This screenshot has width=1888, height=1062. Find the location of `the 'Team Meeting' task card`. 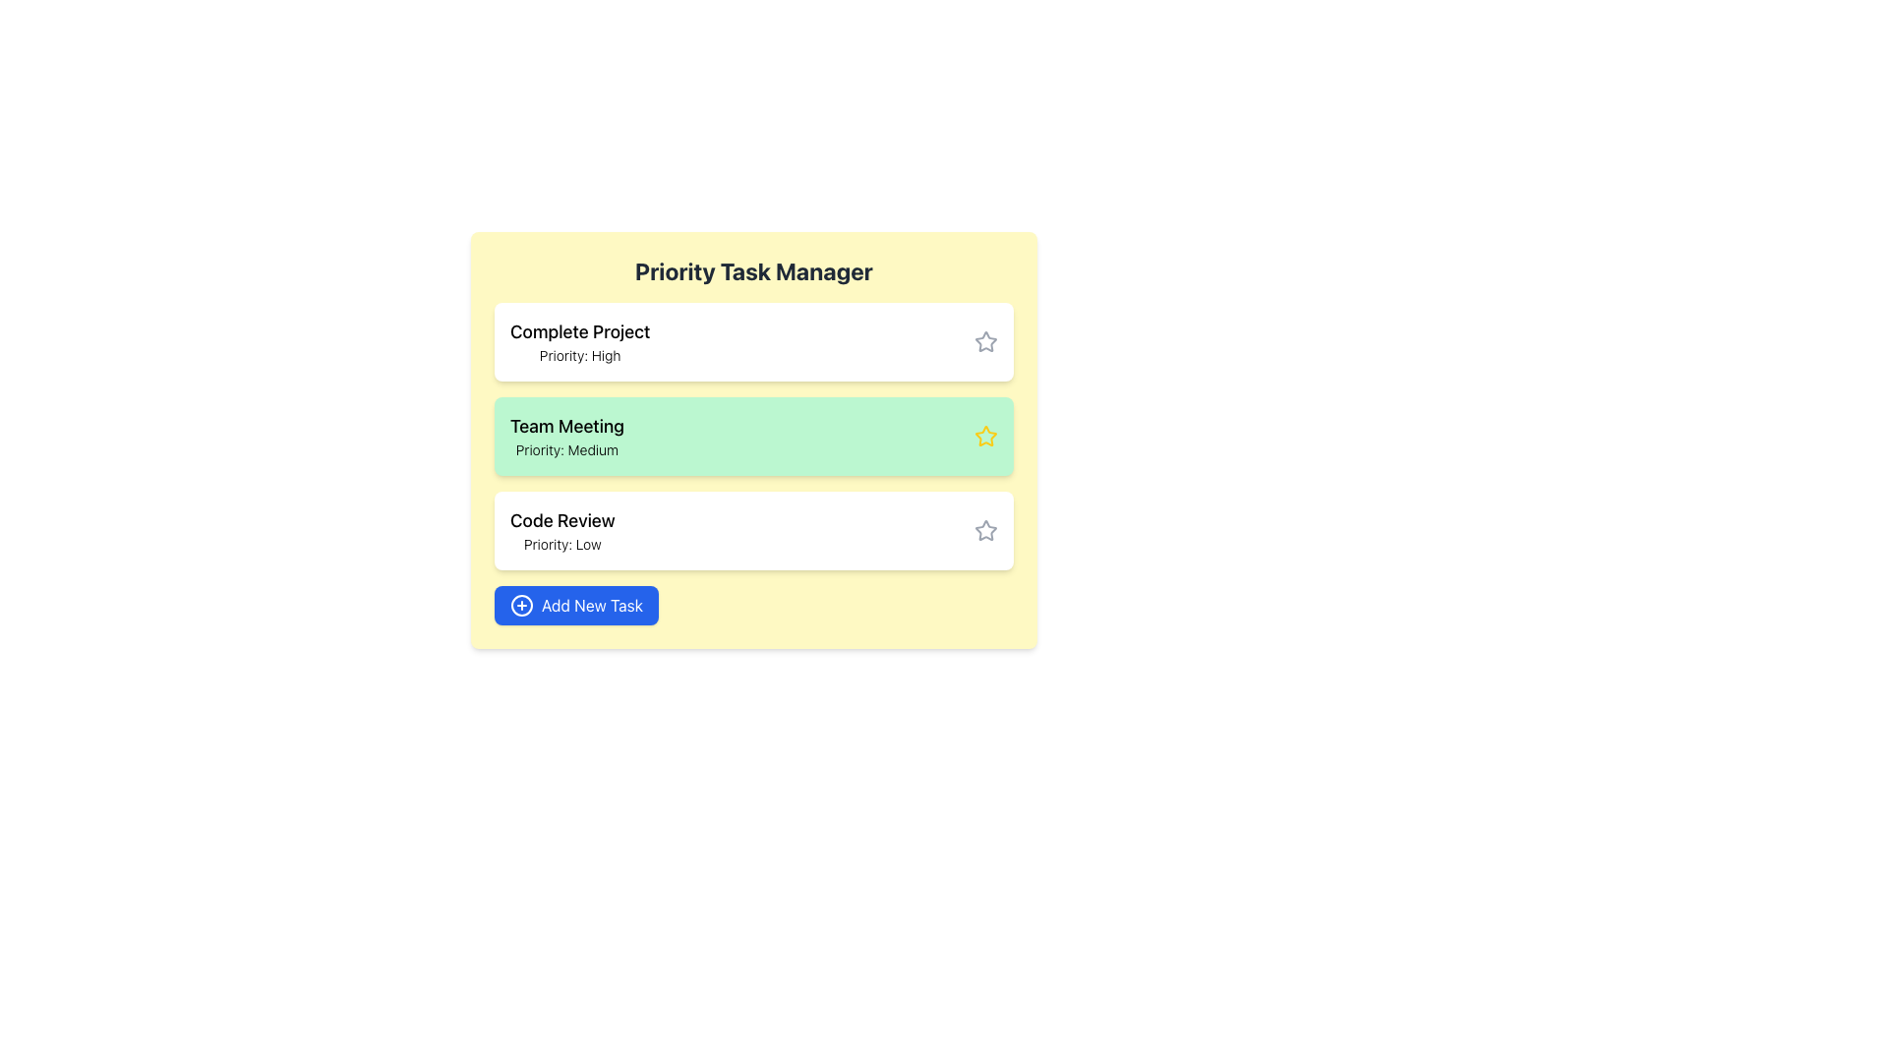

the 'Team Meeting' task card is located at coordinates (753, 435).